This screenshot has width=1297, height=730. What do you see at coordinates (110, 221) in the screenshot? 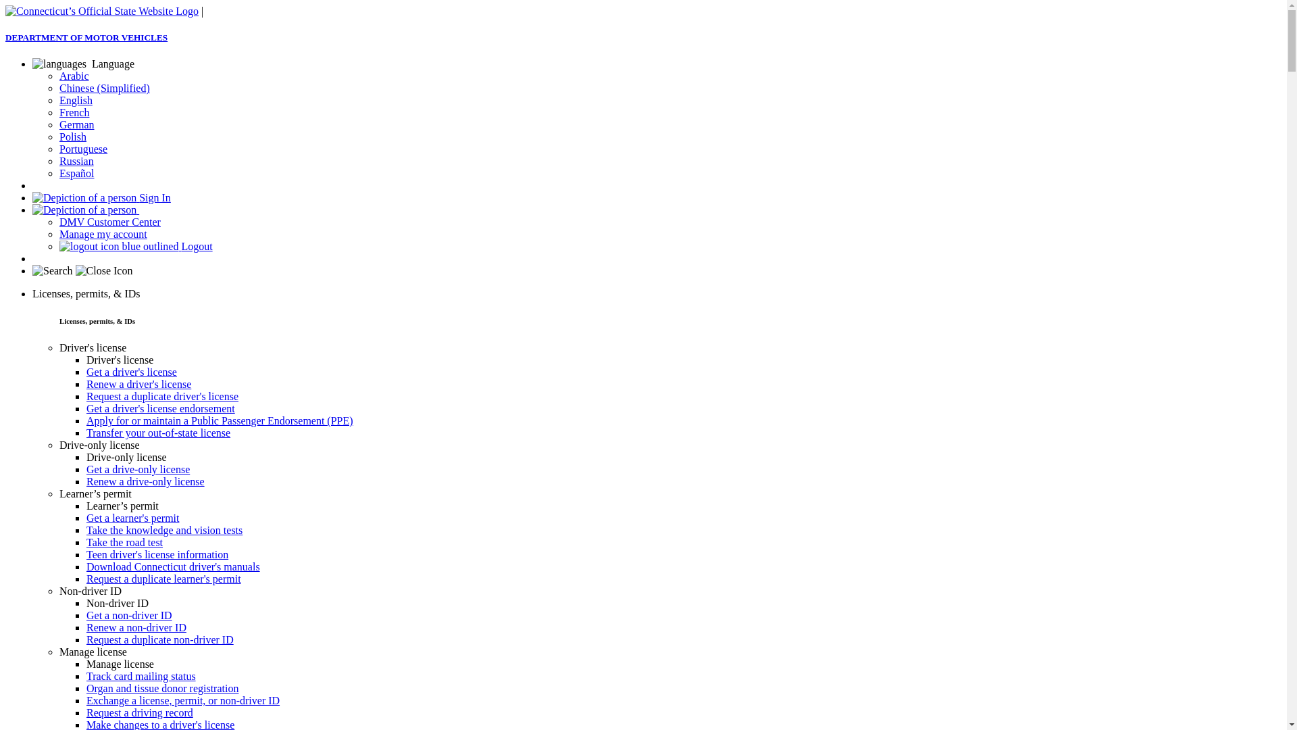
I see `'DMV Customer Center'` at bounding box center [110, 221].